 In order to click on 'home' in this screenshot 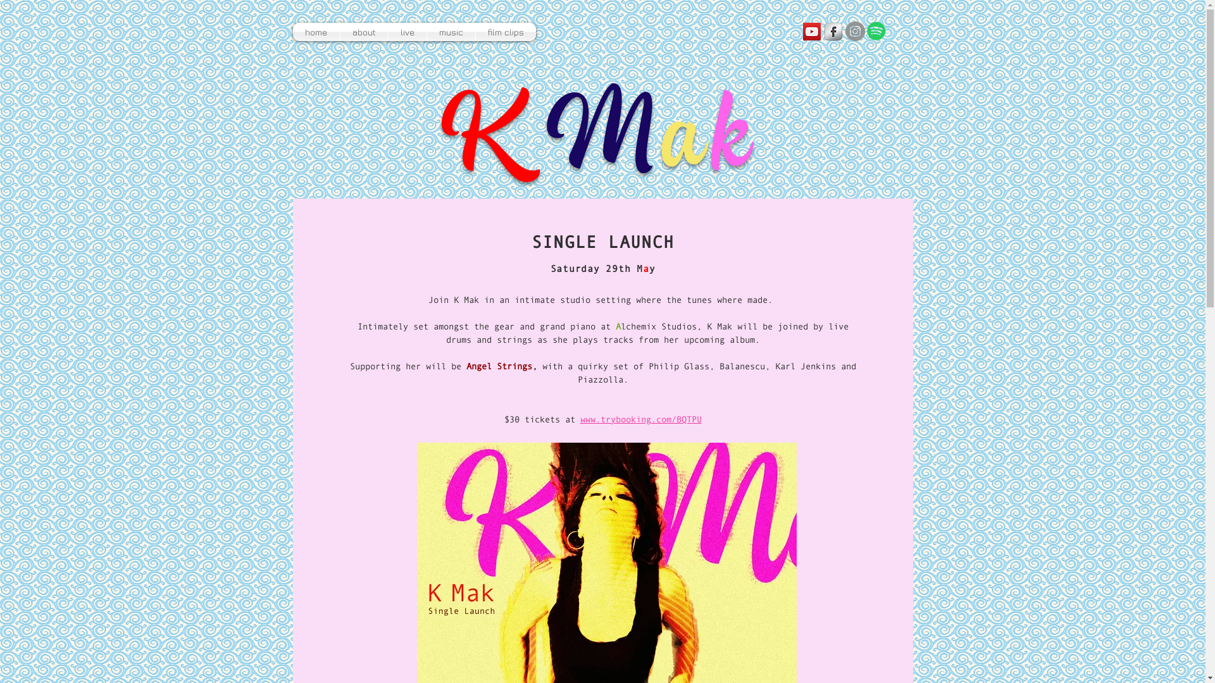, I will do `click(316, 31)`.